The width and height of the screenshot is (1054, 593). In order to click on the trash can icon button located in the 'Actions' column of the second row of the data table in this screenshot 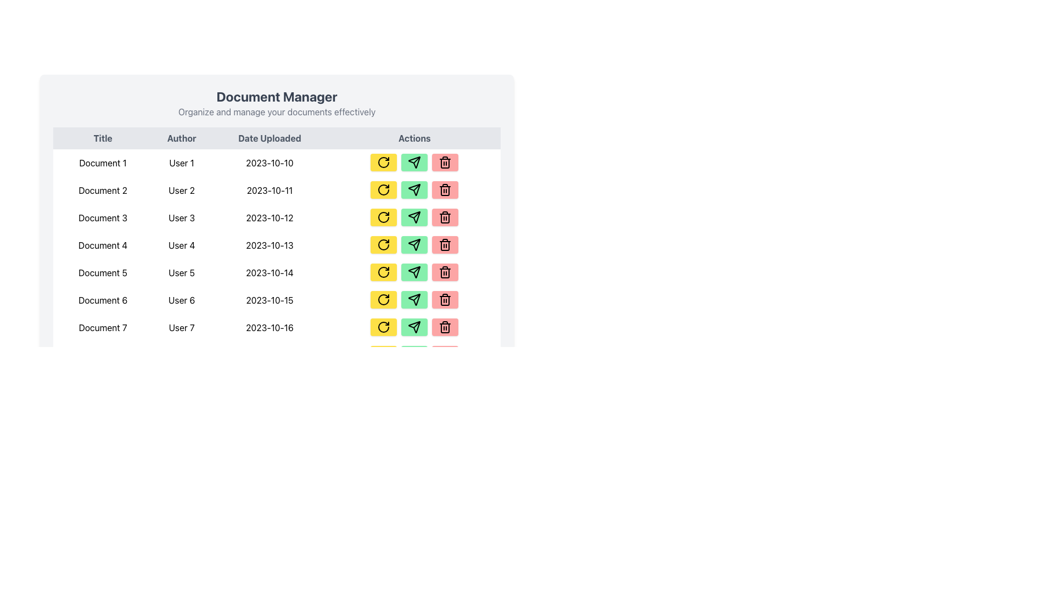, I will do `click(445, 189)`.